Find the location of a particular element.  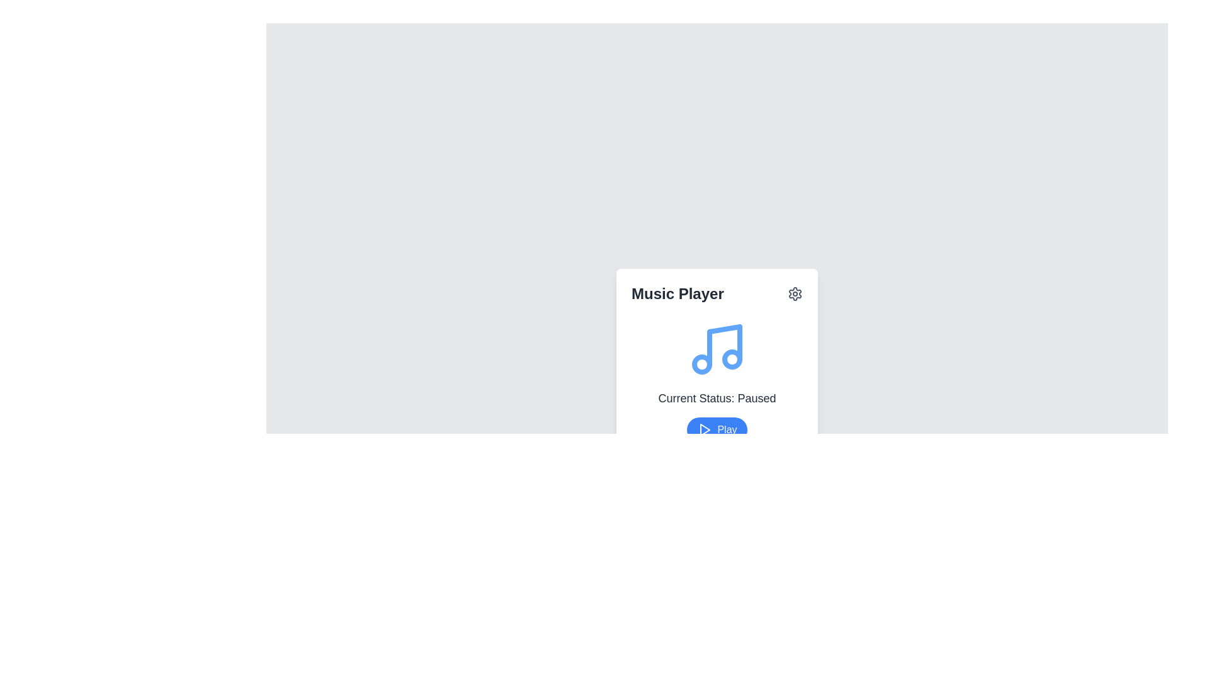

the 'Play' button, a round-ended rectangular button with a blue background and white text is located at coordinates (717, 429).